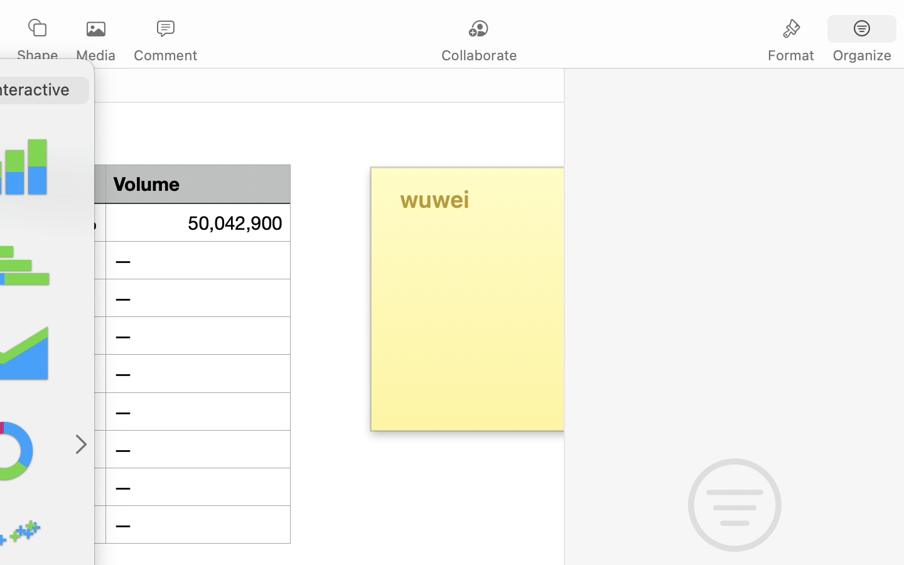 The width and height of the screenshot is (904, 565). Describe the element at coordinates (861, 55) in the screenshot. I see `'Organize'` at that location.